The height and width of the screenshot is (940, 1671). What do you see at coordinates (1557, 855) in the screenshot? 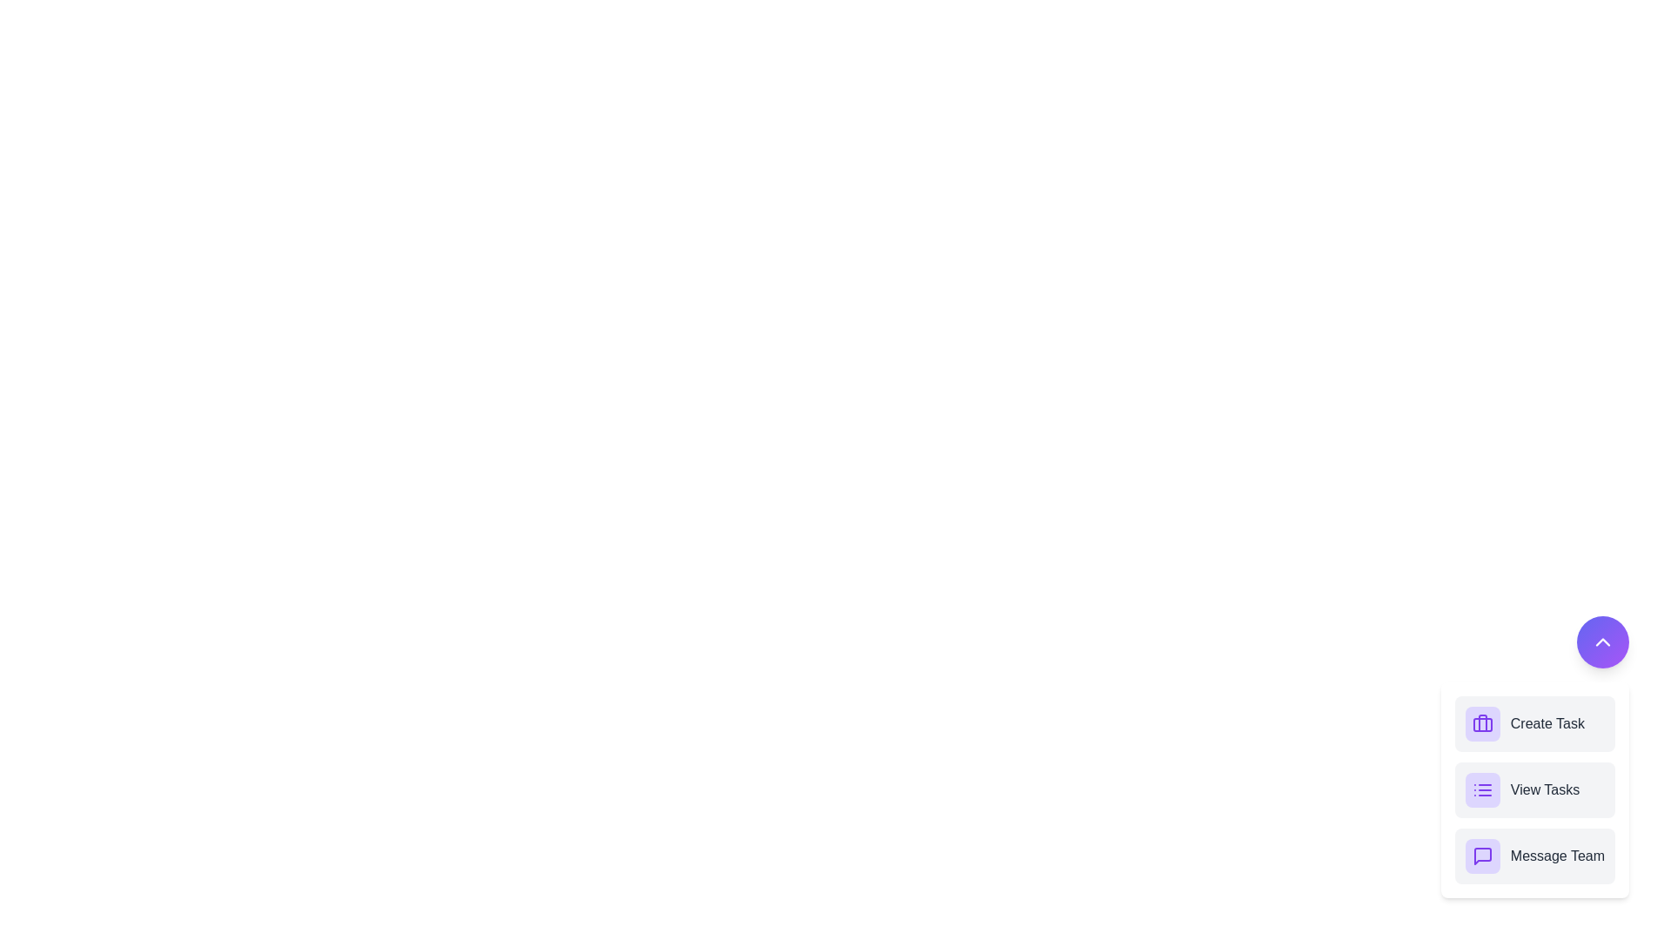
I see `the 'Message Team' button` at bounding box center [1557, 855].